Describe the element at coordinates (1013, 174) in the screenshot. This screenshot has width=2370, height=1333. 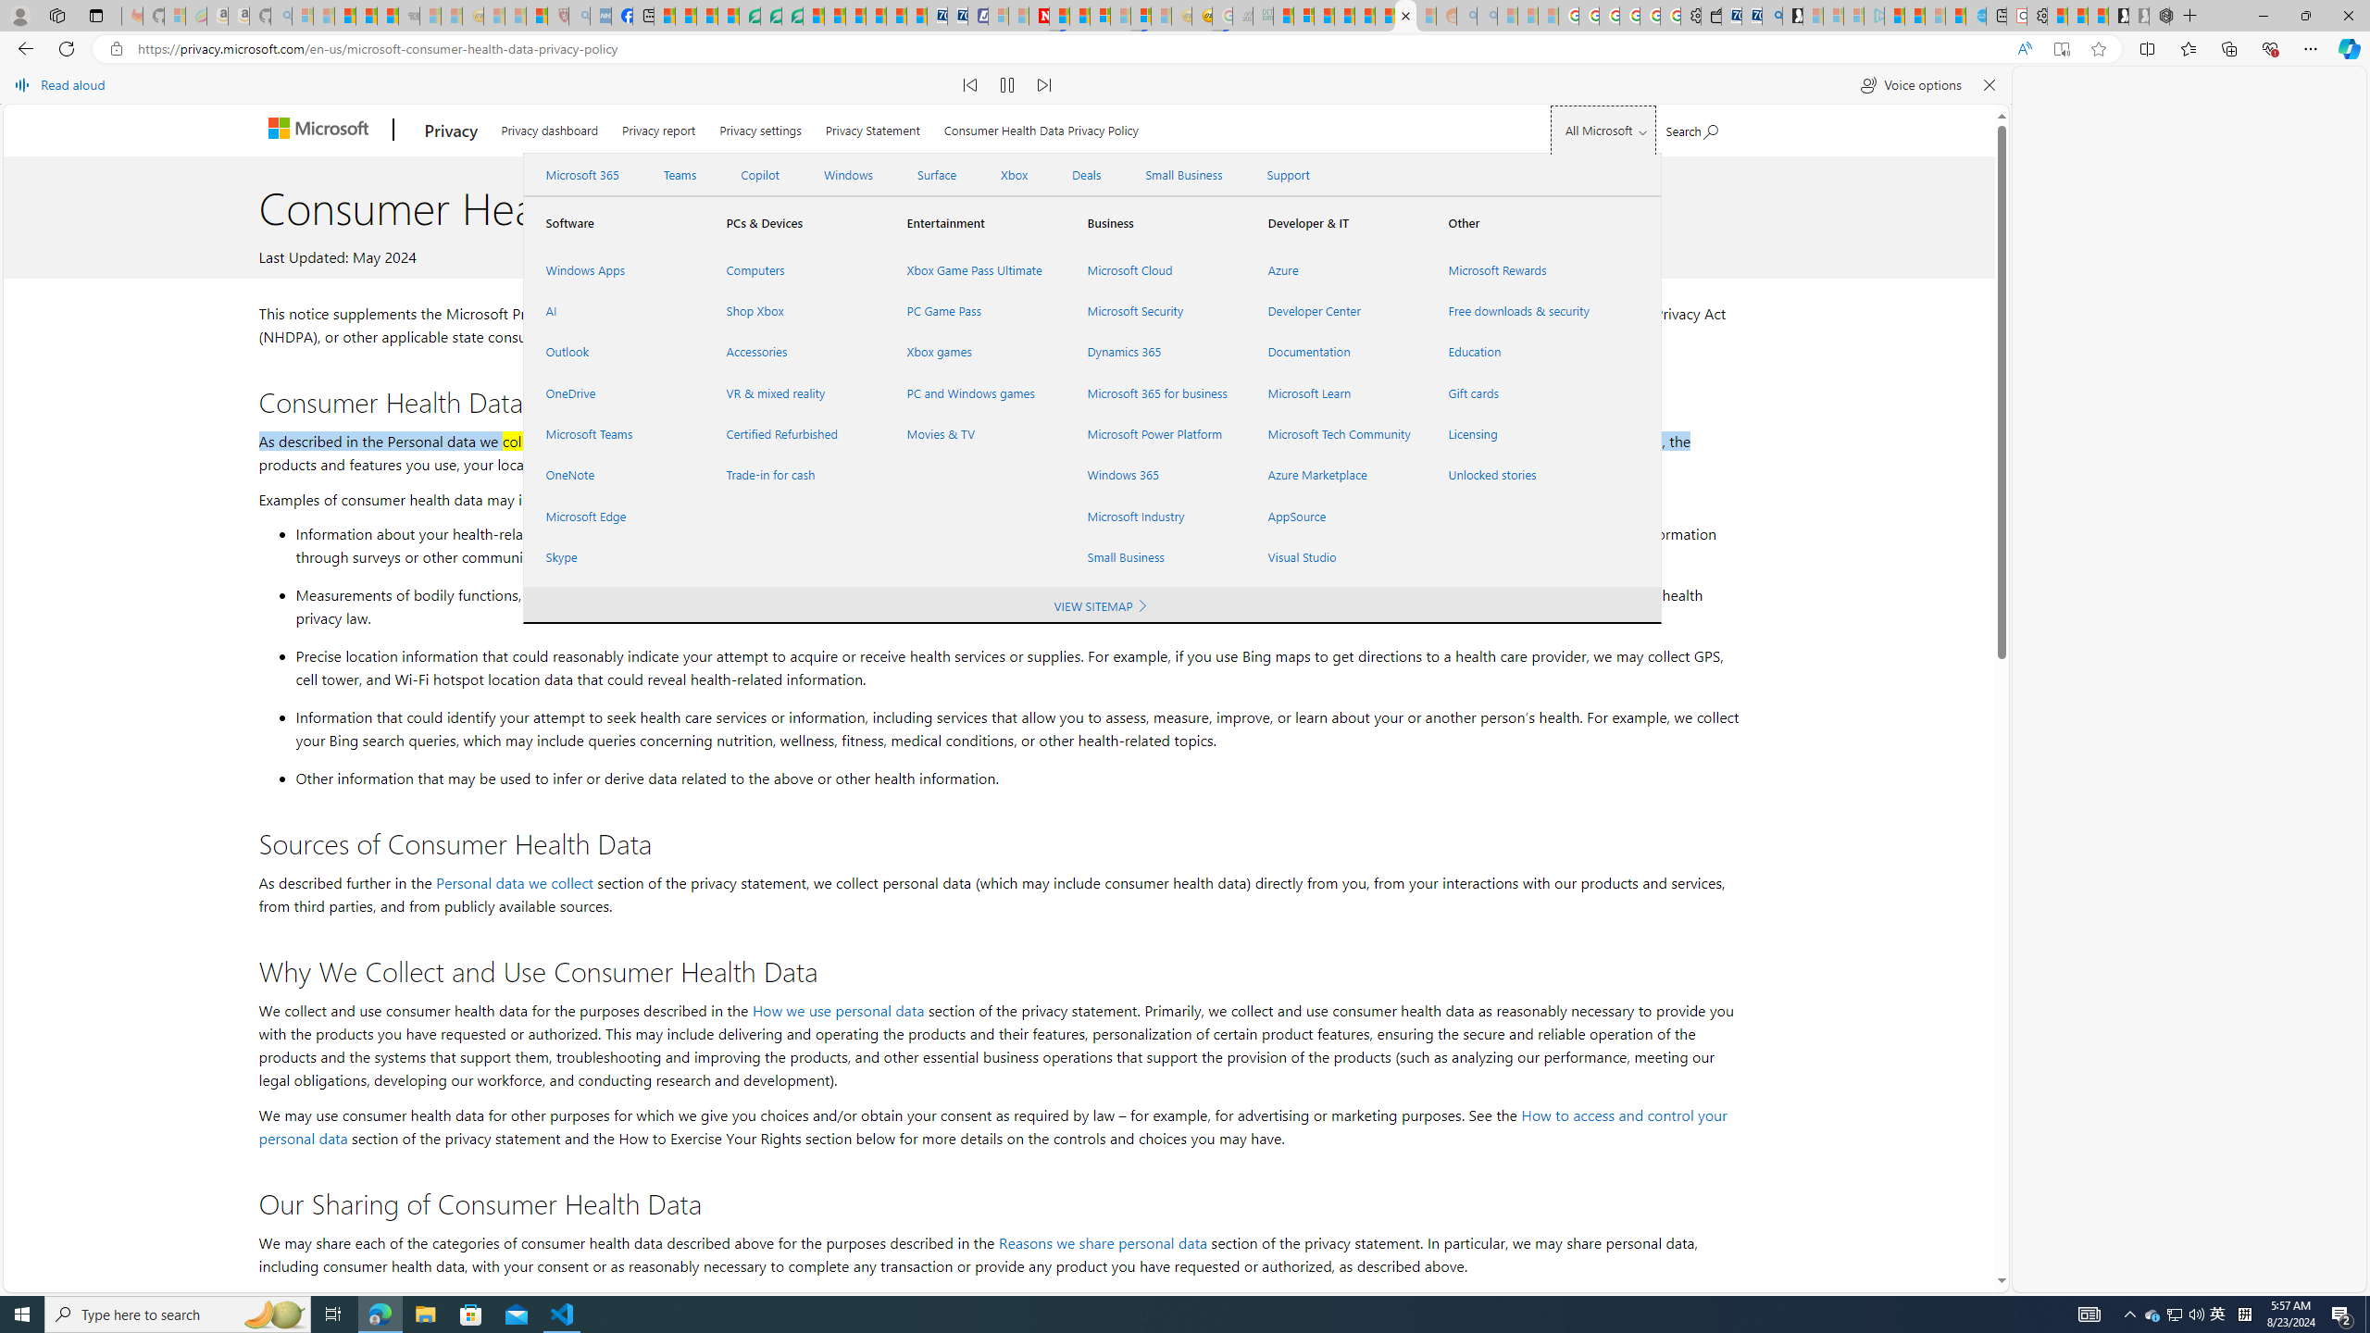
I see `'Xbox'` at that location.